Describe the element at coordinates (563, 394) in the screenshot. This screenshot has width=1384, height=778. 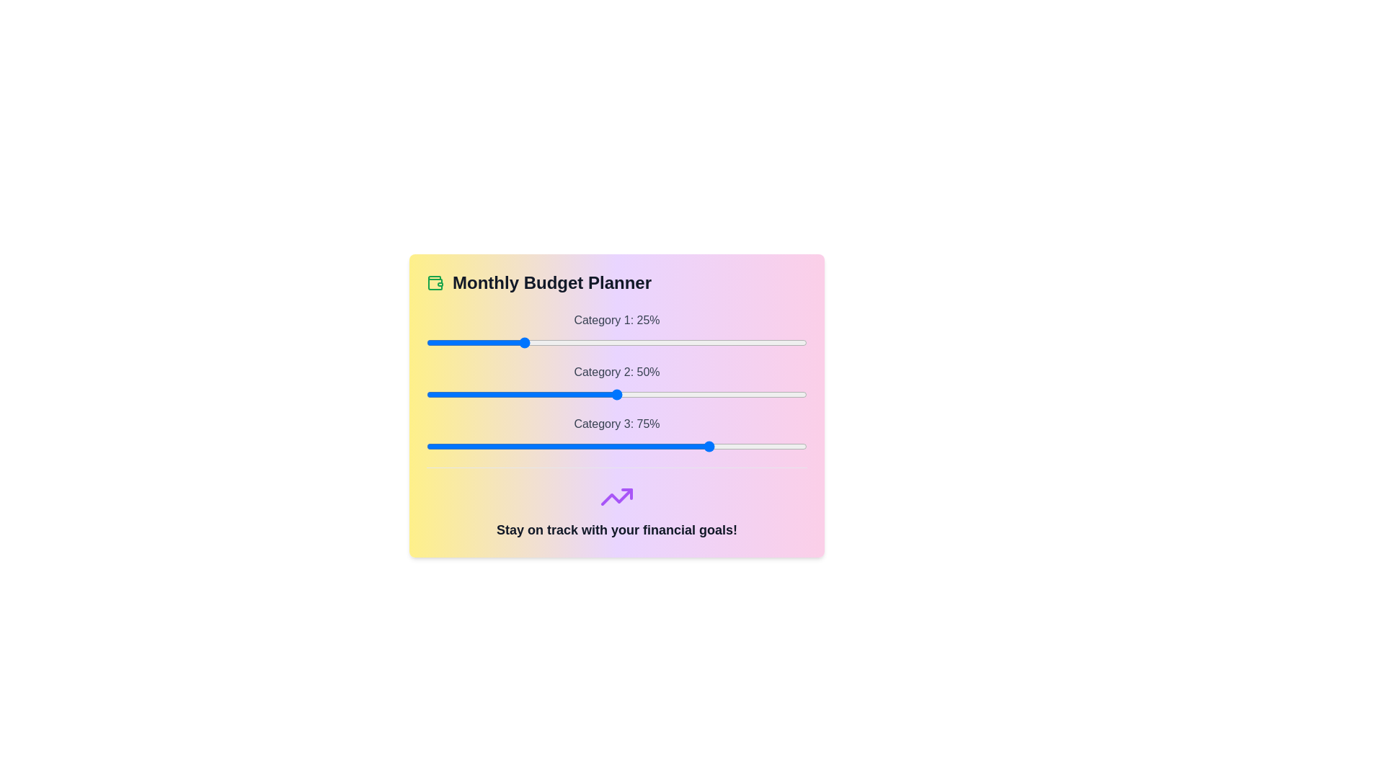
I see `the slider for Category 2 to 36%` at that location.